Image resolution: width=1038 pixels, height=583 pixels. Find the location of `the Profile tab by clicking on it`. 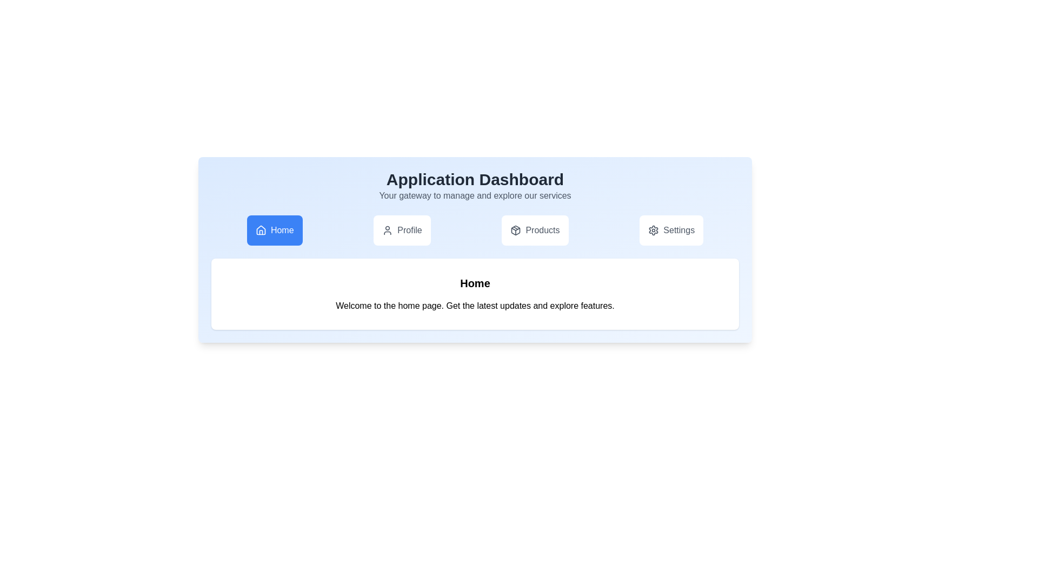

the Profile tab by clicking on it is located at coordinates (402, 230).